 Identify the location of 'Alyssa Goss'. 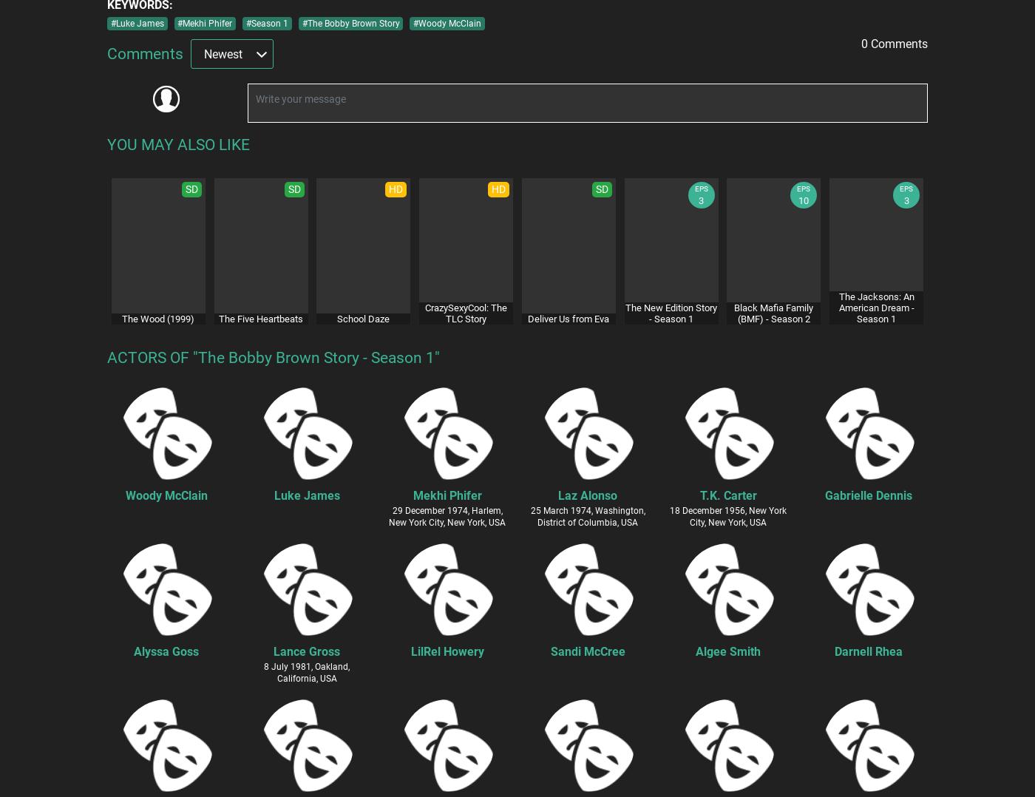
(166, 650).